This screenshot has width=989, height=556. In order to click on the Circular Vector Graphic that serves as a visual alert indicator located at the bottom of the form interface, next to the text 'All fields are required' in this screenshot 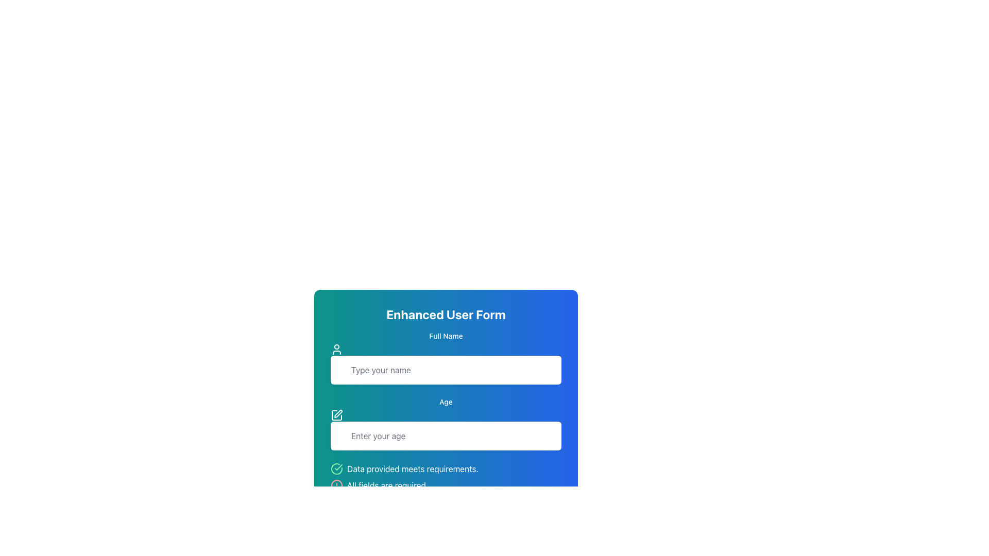, I will do `click(336, 485)`.